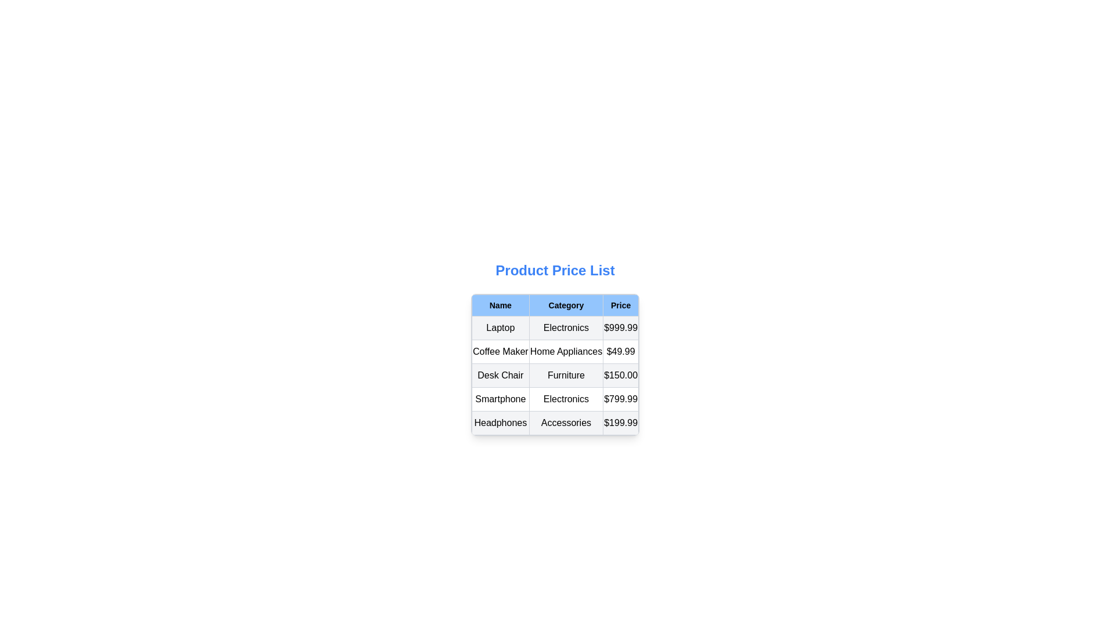 Image resolution: width=1114 pixels, height=626 pixels. What do you see at coordinates (620, 376) in the screenshot?
I see `the table cell displaying the price '$150.00' for the 'Desk Chair' item, located in the bottom-right corner of the third row under the 'Price' column` at bounding box center [620, 376].